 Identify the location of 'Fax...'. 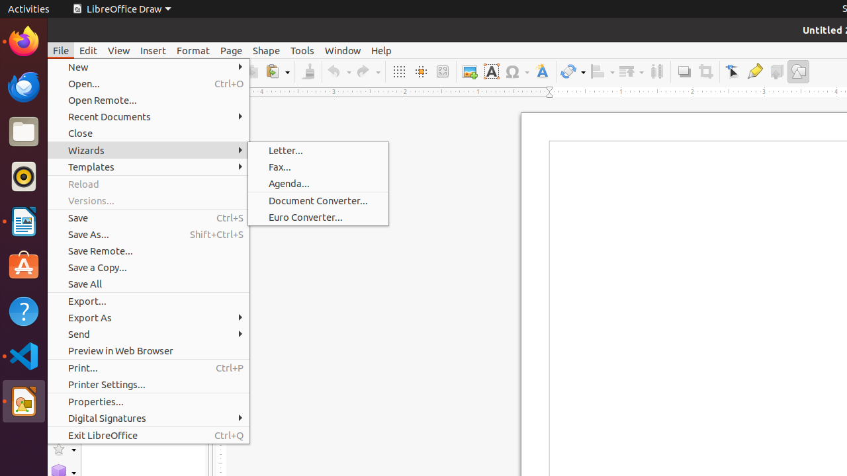
(318, 166).